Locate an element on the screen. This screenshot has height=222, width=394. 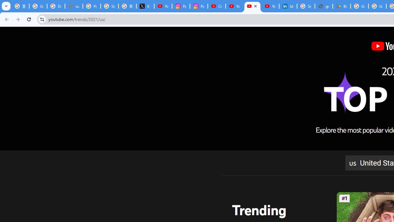
'YouTube Culture & Trends - YouTube Top 10, 2021' is located at coordinates (252, 6).